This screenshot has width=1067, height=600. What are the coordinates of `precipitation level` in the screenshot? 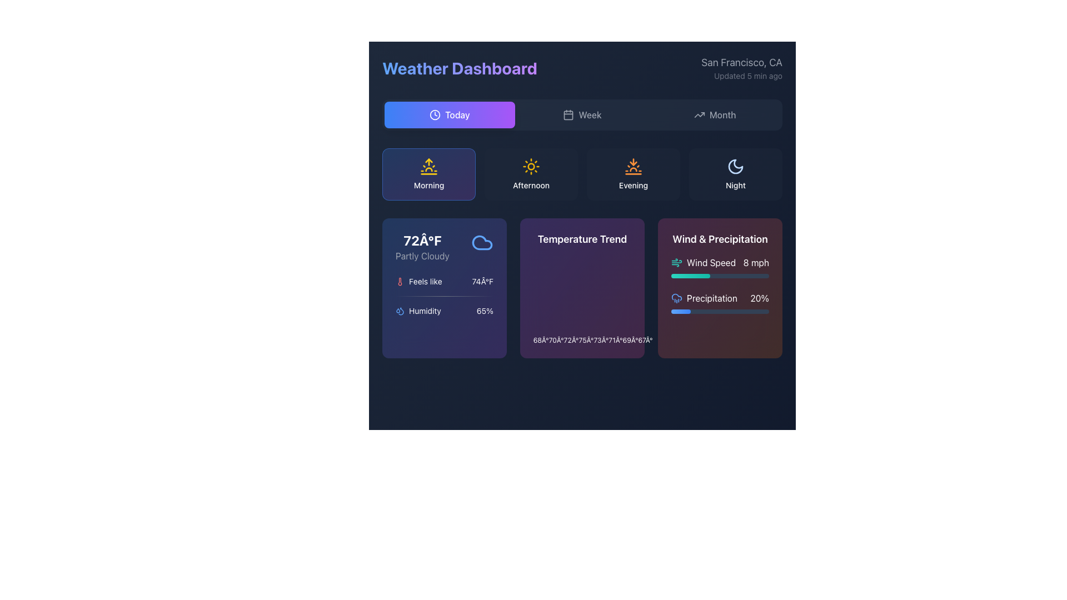 It's located at (717, 276).